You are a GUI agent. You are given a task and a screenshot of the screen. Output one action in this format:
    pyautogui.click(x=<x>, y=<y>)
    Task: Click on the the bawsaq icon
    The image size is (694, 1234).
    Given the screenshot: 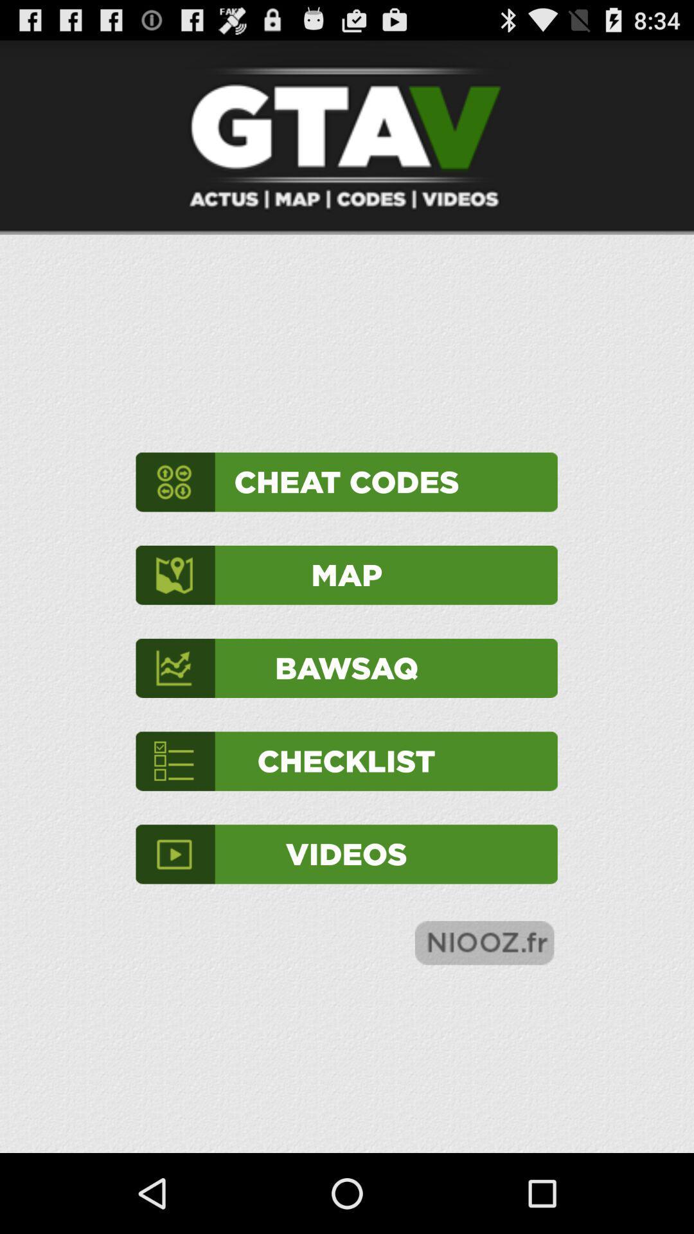 What is the action you would take?
    pyautogui.click(x=346, y=668)
    